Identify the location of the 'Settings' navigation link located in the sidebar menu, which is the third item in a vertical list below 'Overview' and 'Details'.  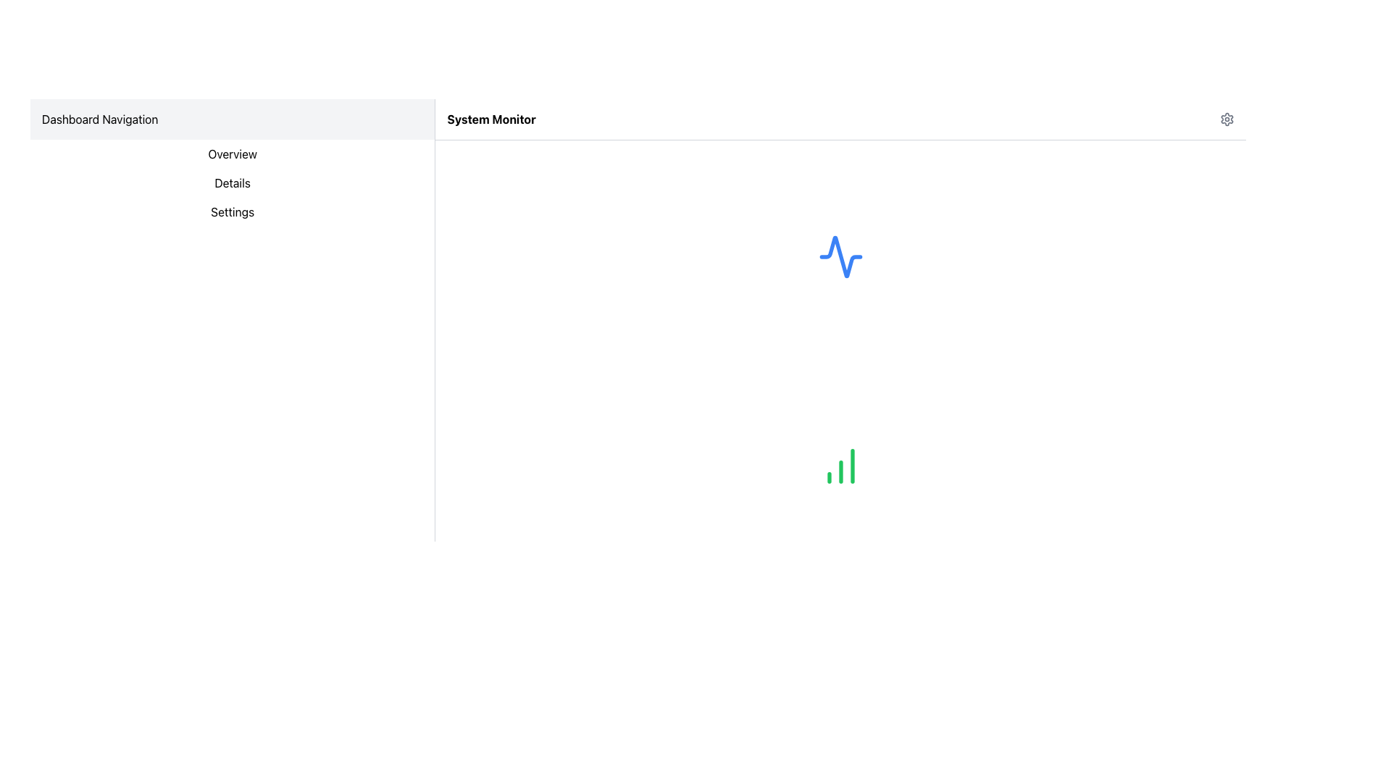
(233, 212).